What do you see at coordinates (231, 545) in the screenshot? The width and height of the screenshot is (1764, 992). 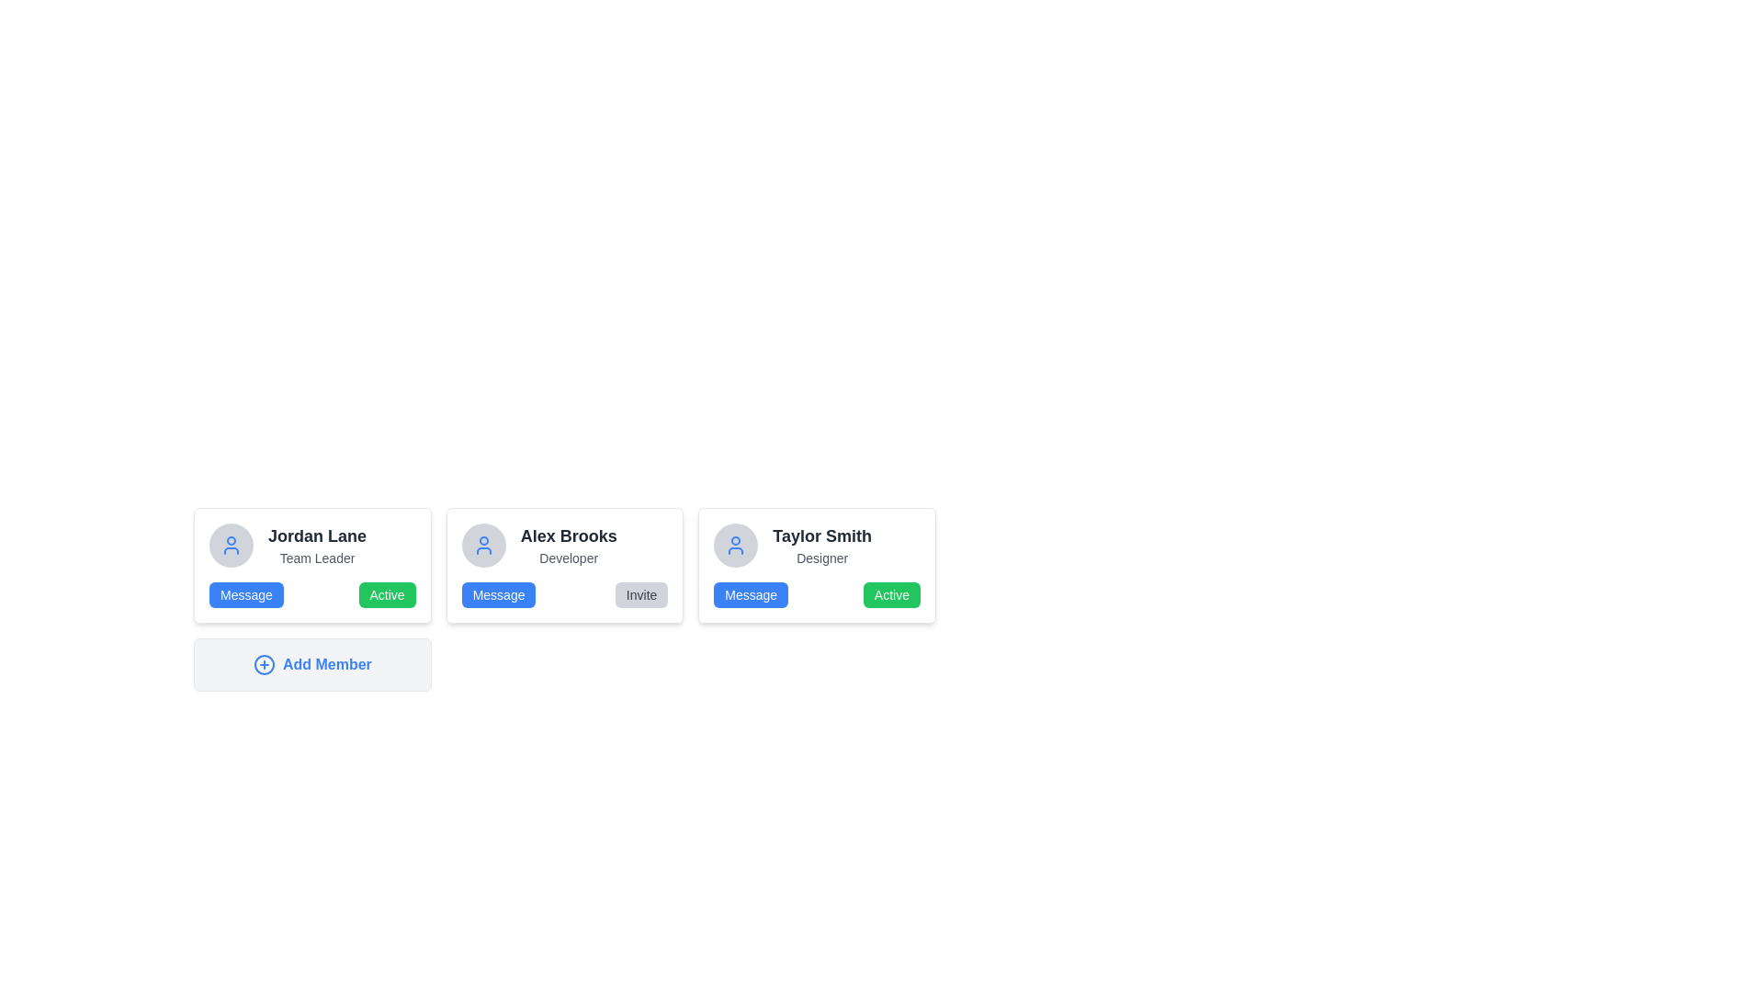 I see `the blue circular user icon with a minimalist outline design, located in the top-left corner of Jordan Lane's profile card labeled 'Jordan Lane, Team Leader'` at bounding box center [231, 545].